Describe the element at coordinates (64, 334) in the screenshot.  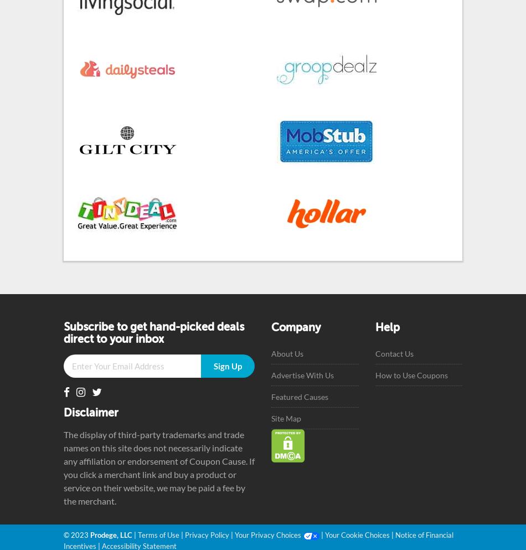
I see `'Subscribe to get hand-picked deals direct to your inbox'` at that location.